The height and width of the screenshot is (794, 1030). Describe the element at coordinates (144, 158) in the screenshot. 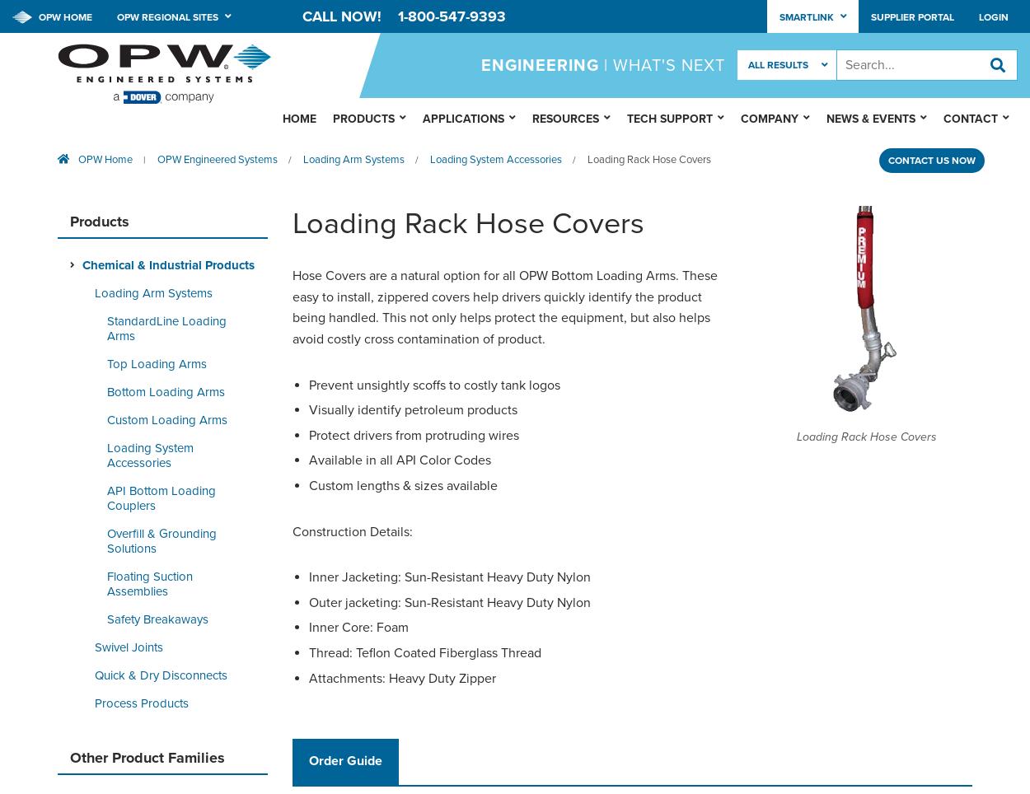

I see `'|'` at that location.